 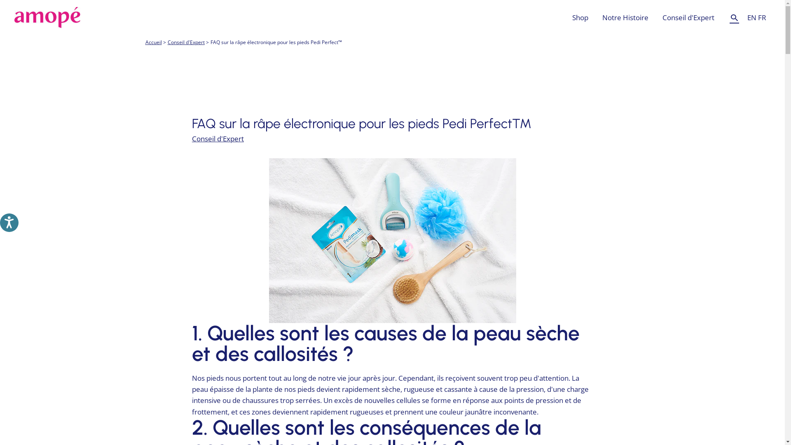 I want to click on 'Rechercher', so click(x=734, y=17).